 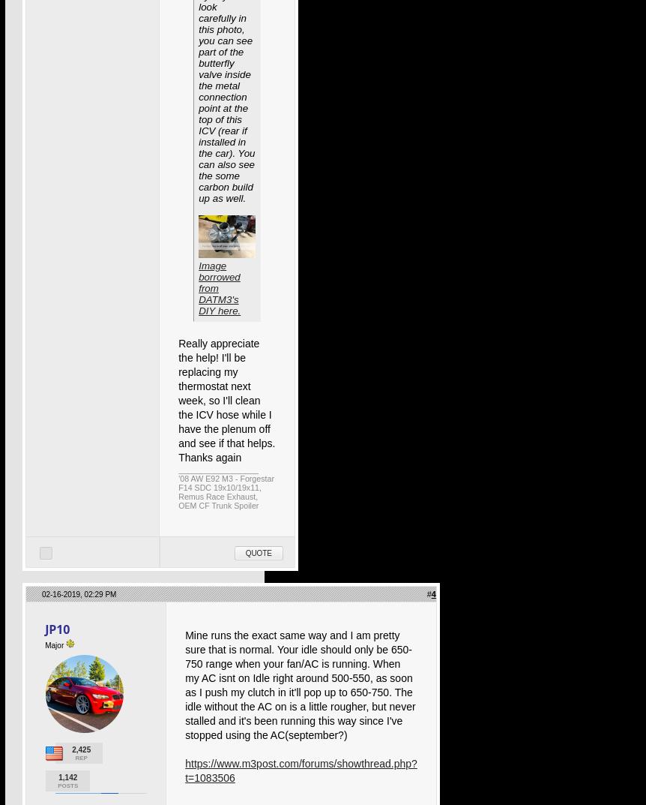 What do you see at coordinates (56, 628) in the screenshot?
I see `'JP10'` at bounding box center [56, 628].